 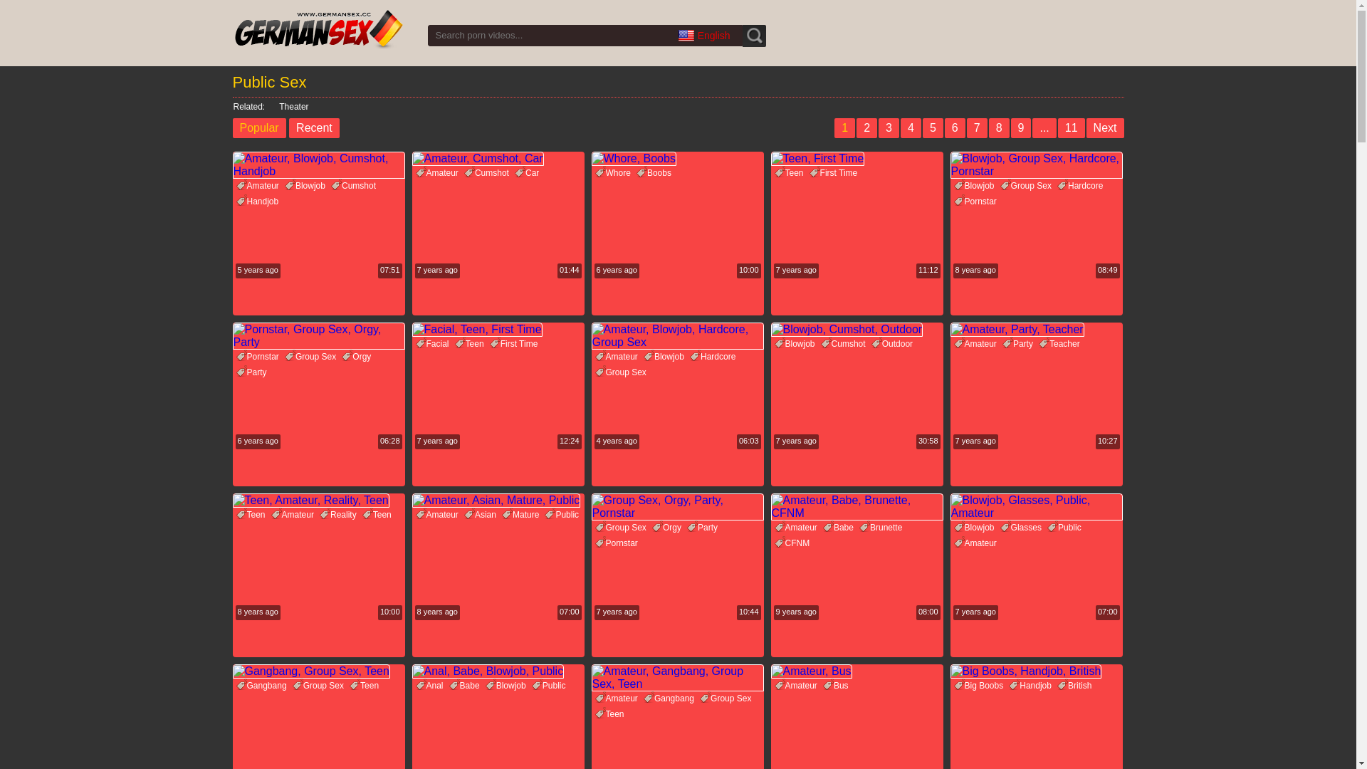 What do you see at coordinates (1035, 329) in the screenshot?
I see `'Amateur, Party, Teacher'` at bounding box center [1035, 329].